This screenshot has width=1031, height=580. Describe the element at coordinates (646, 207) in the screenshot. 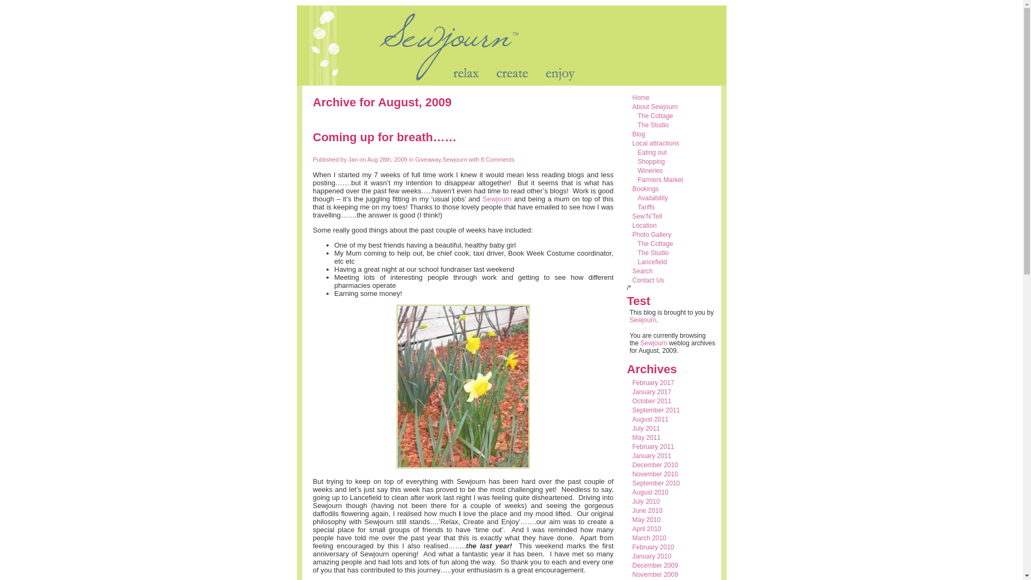

I see `'Tariffs'` at that location.